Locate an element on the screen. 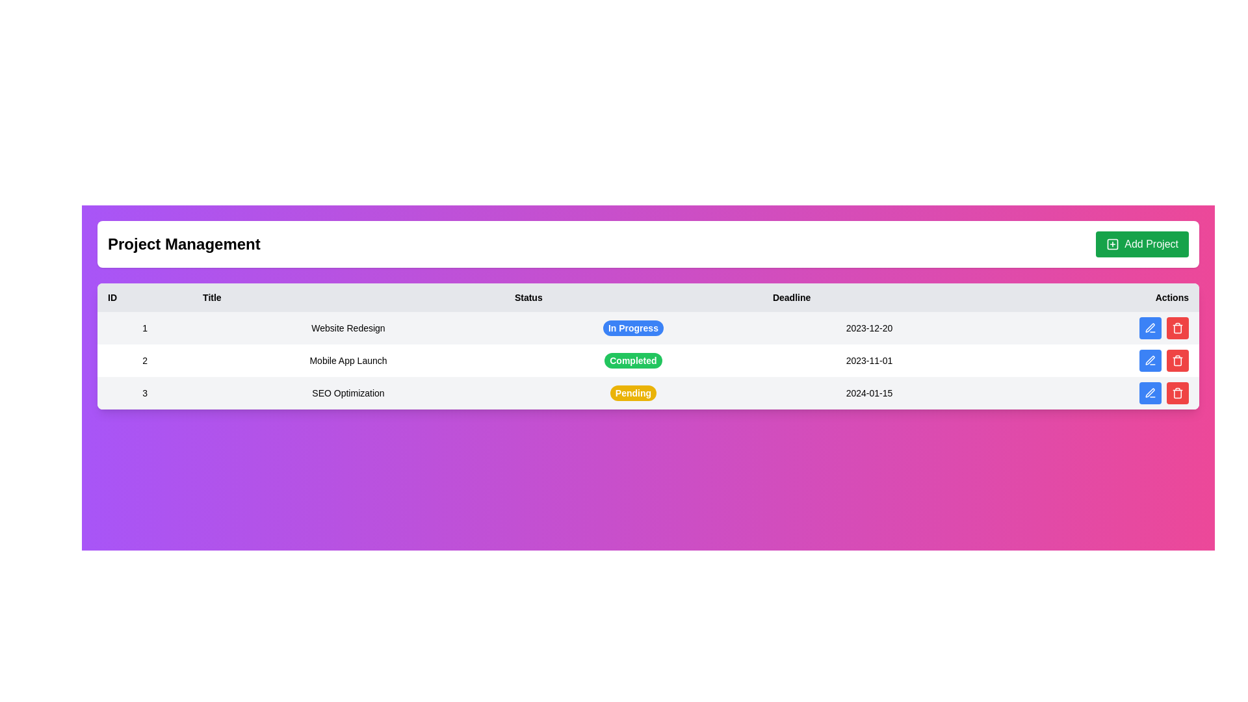 This screenshot has width=1248, height=702. the '+' icon within the 'Add Project' button located at the top-right corner of the interface is located at coordinates (1112, 244).